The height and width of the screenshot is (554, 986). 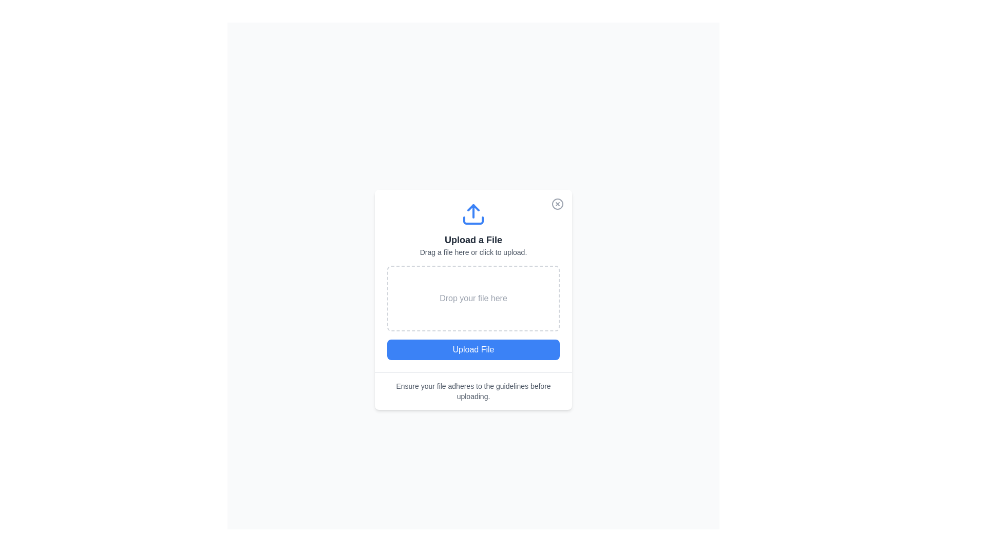 What do you see at coordinates (472, 298) in the screenshot?
I see `the file drop zone located below the description text 'Drag a file here or click to upload.'` at bounding box center [472, 298].